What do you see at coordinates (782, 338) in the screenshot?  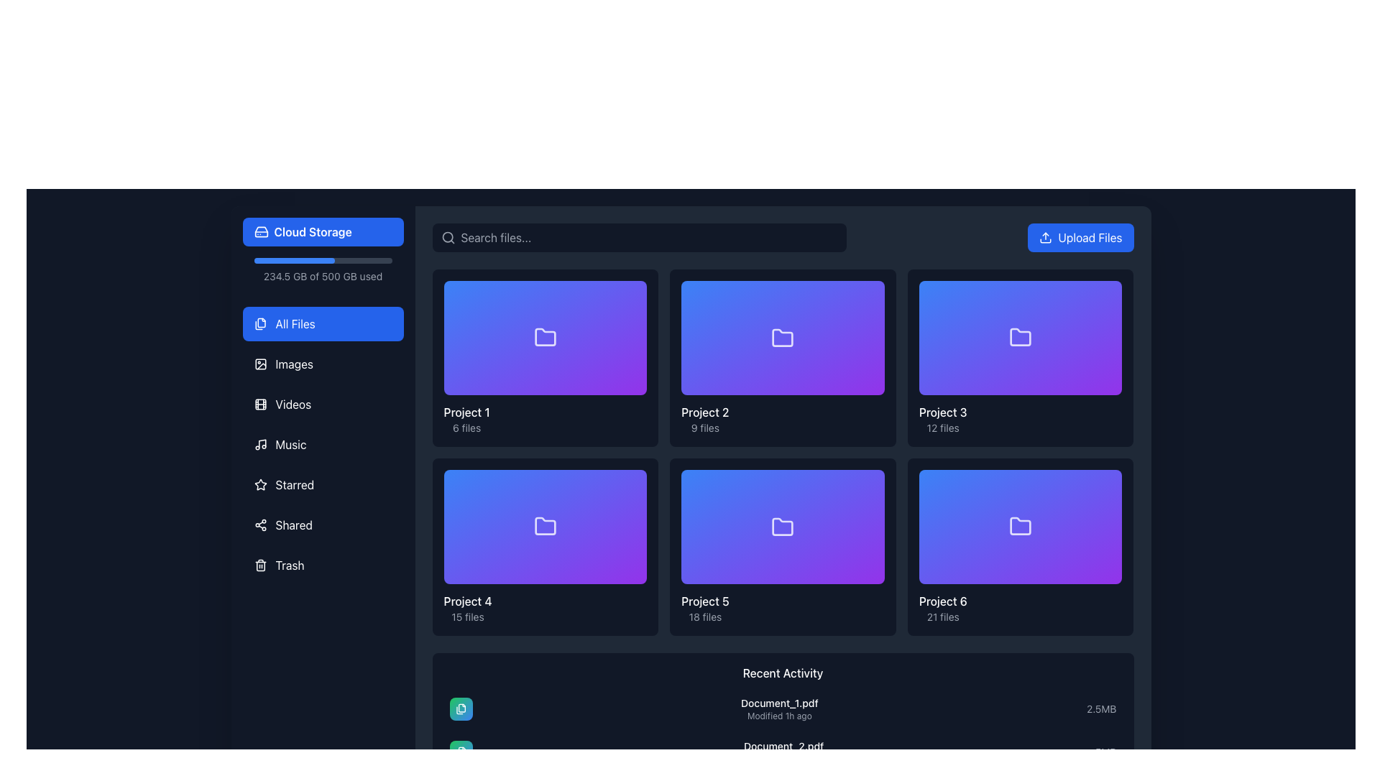 I see `the folder icon with a white outline, which is centrally placed in a purple gradient background card` at bounding box center [782, 338].